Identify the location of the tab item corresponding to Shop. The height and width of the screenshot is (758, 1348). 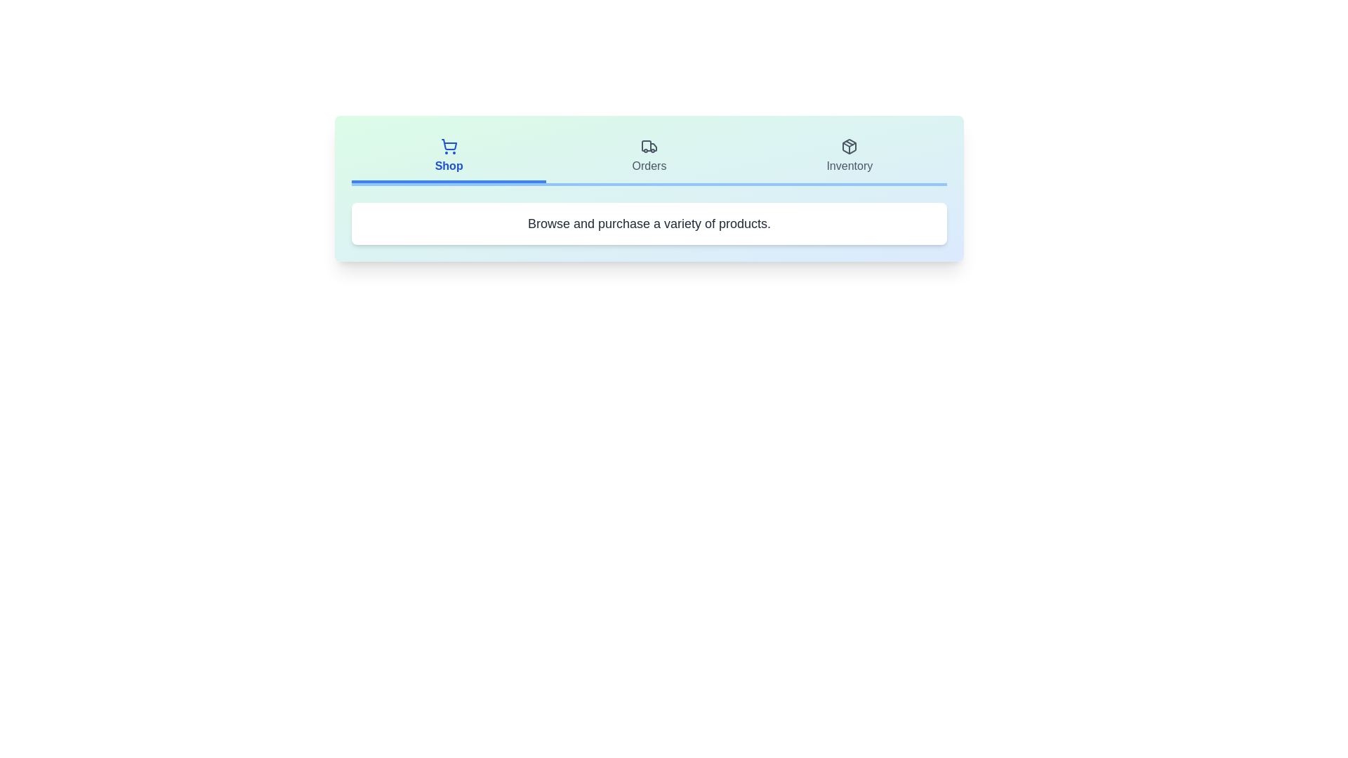
(448, 157).